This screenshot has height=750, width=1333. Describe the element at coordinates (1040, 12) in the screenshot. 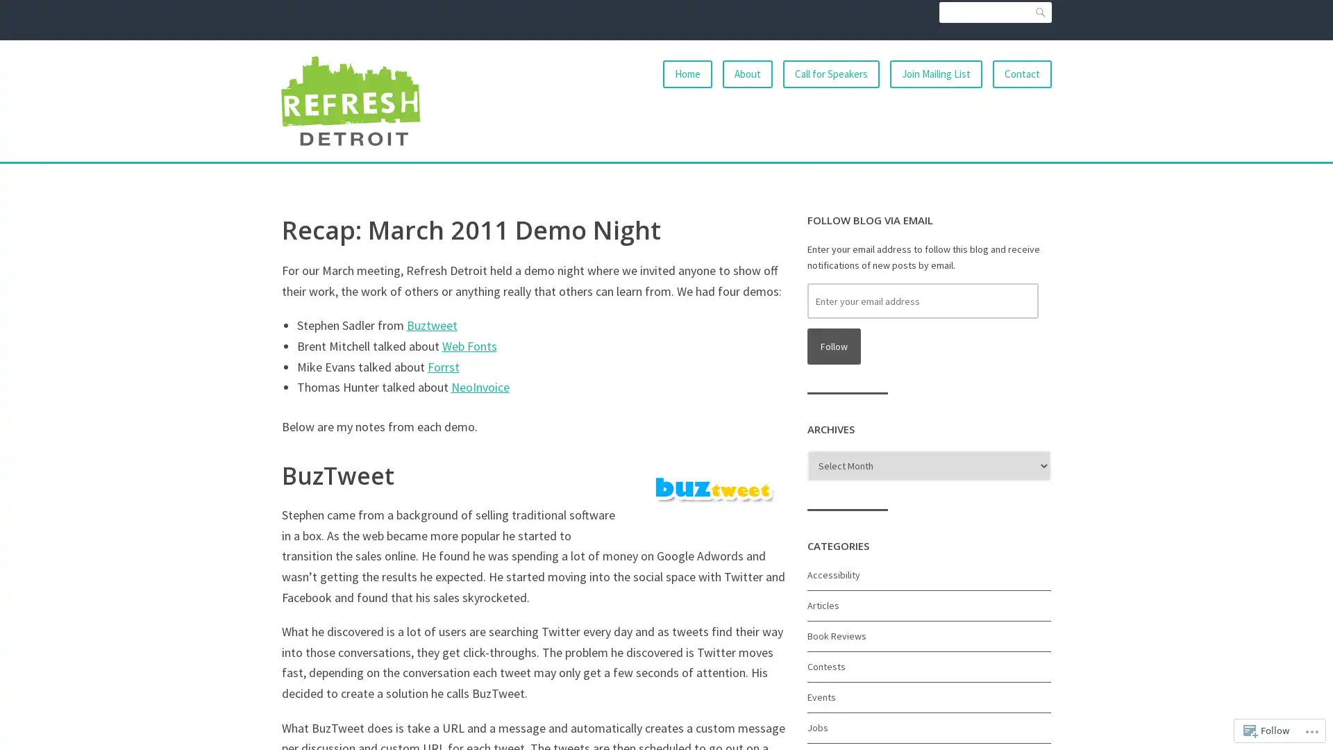

I see `Search` at that location.